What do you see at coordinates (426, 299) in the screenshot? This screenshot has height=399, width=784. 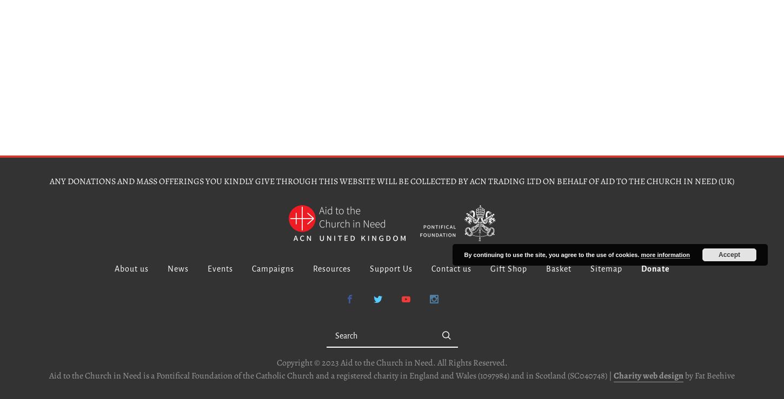 I see `'youtube'` at bounding box center [426, 299].